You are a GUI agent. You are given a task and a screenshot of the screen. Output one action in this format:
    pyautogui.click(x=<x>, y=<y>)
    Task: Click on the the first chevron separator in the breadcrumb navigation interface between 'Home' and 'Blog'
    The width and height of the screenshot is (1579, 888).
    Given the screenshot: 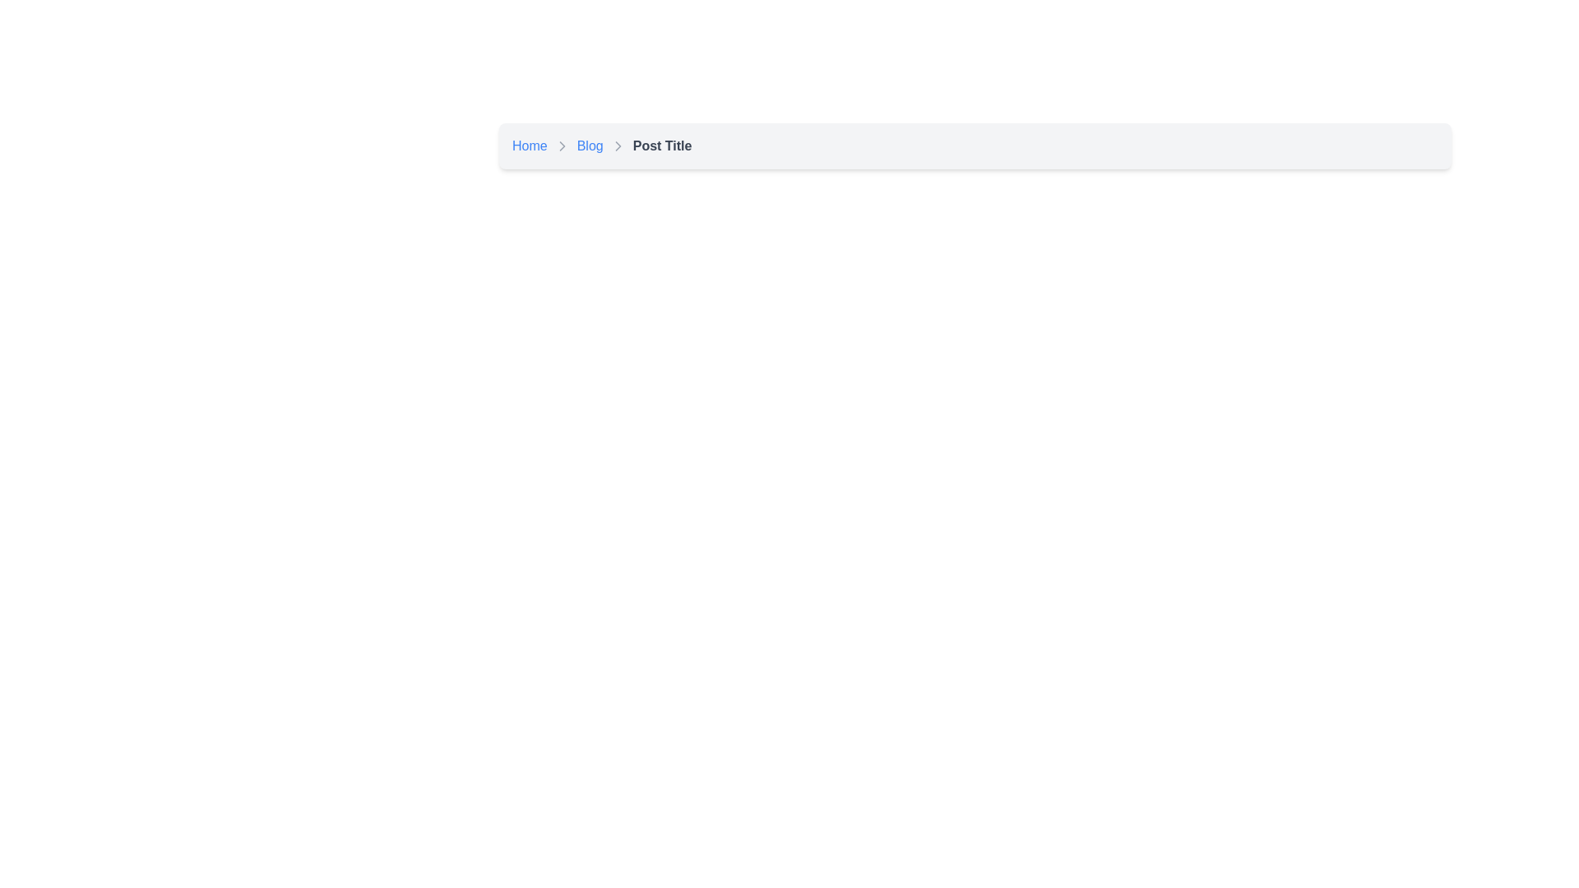 What is the action you would take?
    pyautogui.click(x=562, y=145)
    